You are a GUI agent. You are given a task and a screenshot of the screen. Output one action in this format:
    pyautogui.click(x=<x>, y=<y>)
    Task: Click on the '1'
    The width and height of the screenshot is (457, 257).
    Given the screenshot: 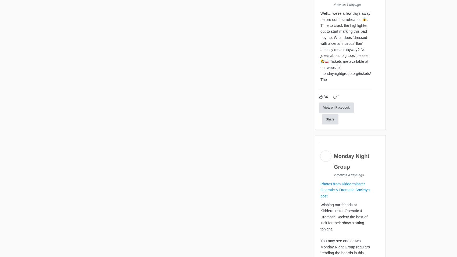 What is the action you would take?
    pyautogui.click(x=338, y=97)
    